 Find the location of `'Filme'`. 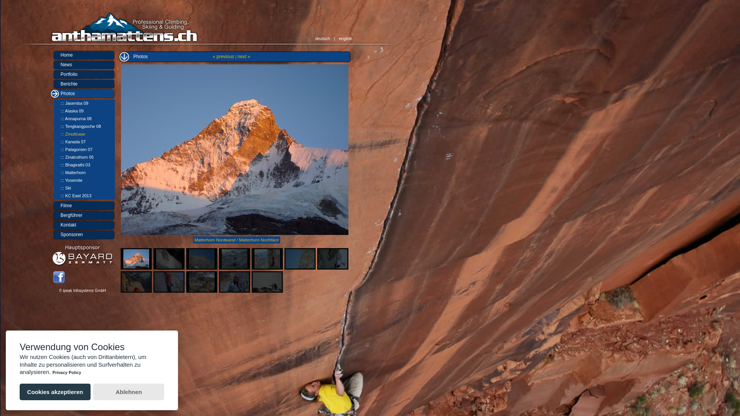

'Filme' is located at coordinates (82, 205).